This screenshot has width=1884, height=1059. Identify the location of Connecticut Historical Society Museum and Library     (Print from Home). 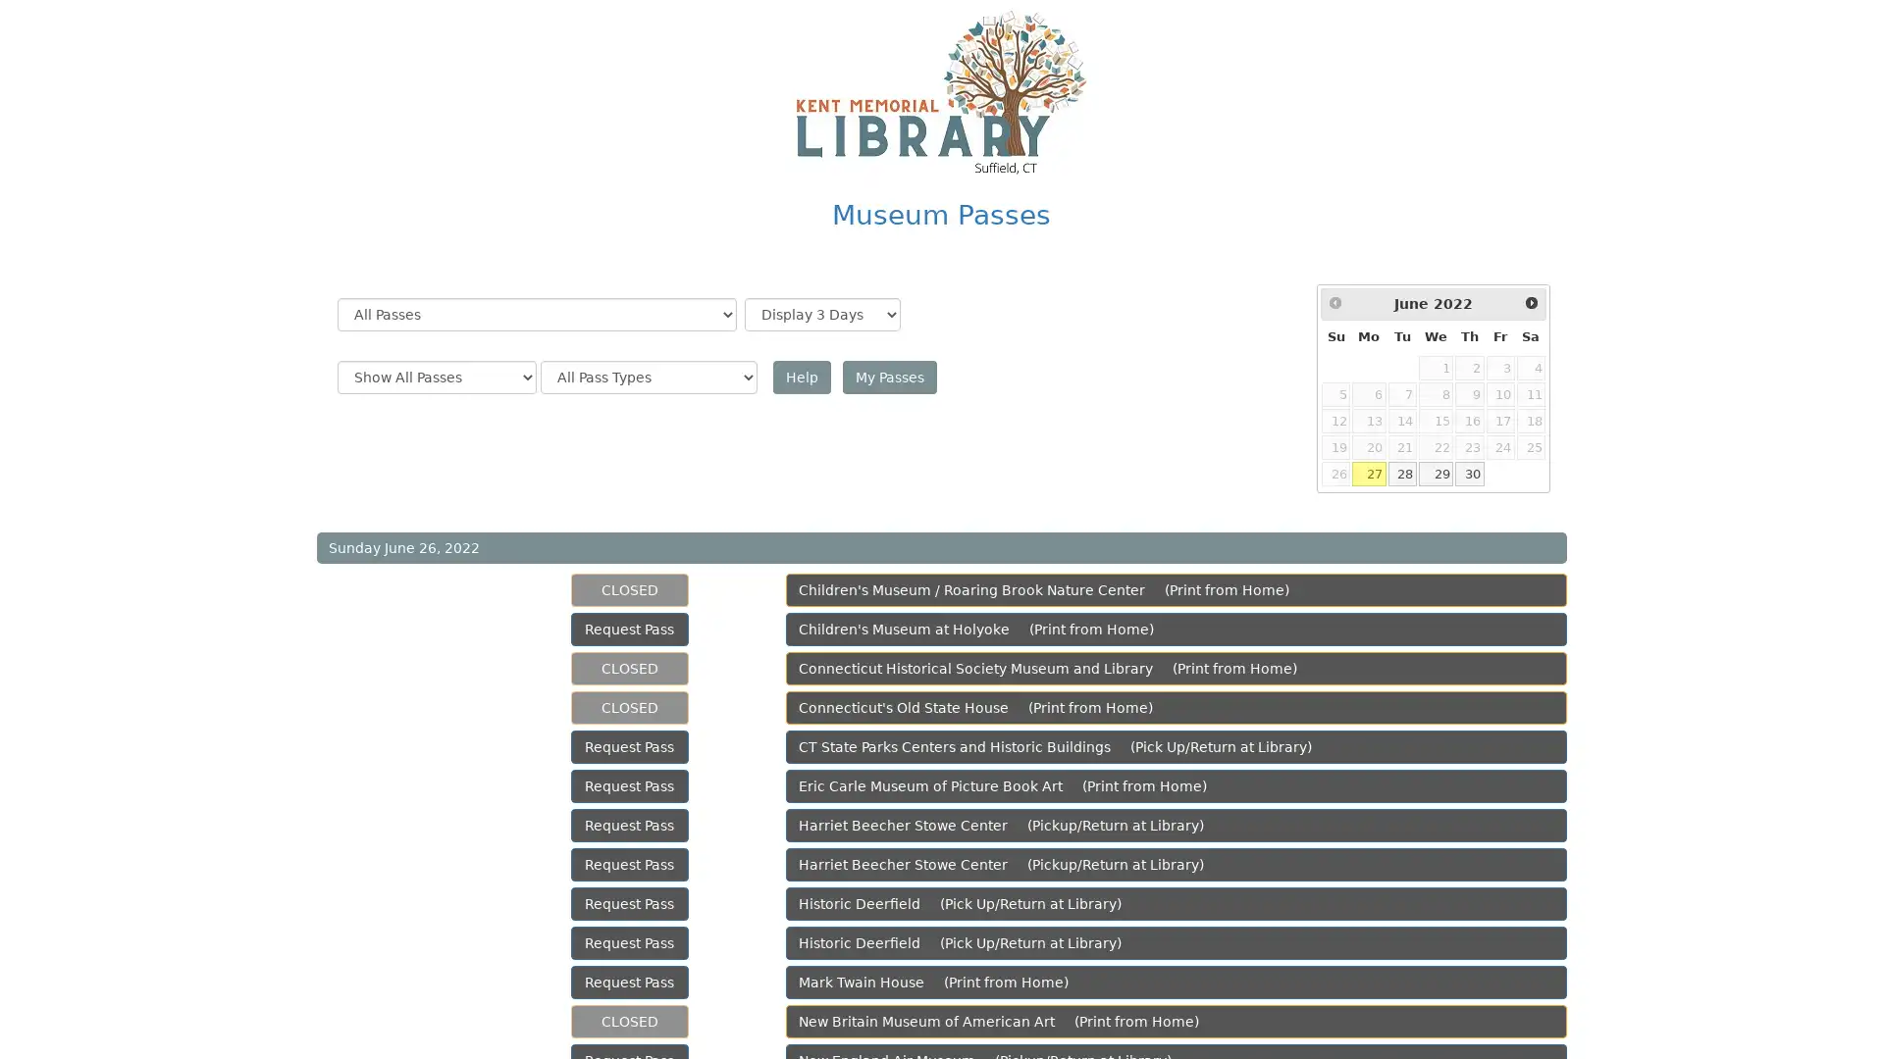
(1176, 668).